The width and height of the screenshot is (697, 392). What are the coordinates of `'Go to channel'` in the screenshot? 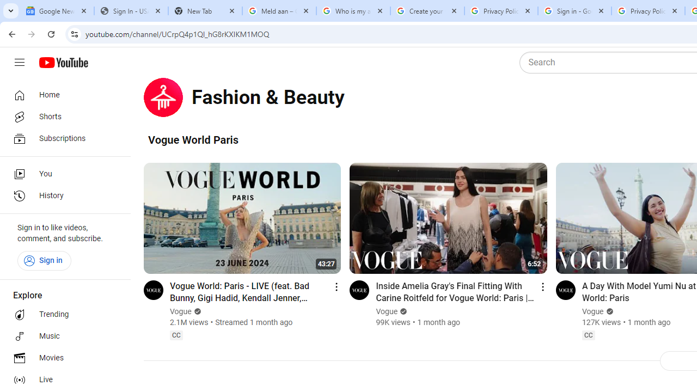 It's located at (565, 289).